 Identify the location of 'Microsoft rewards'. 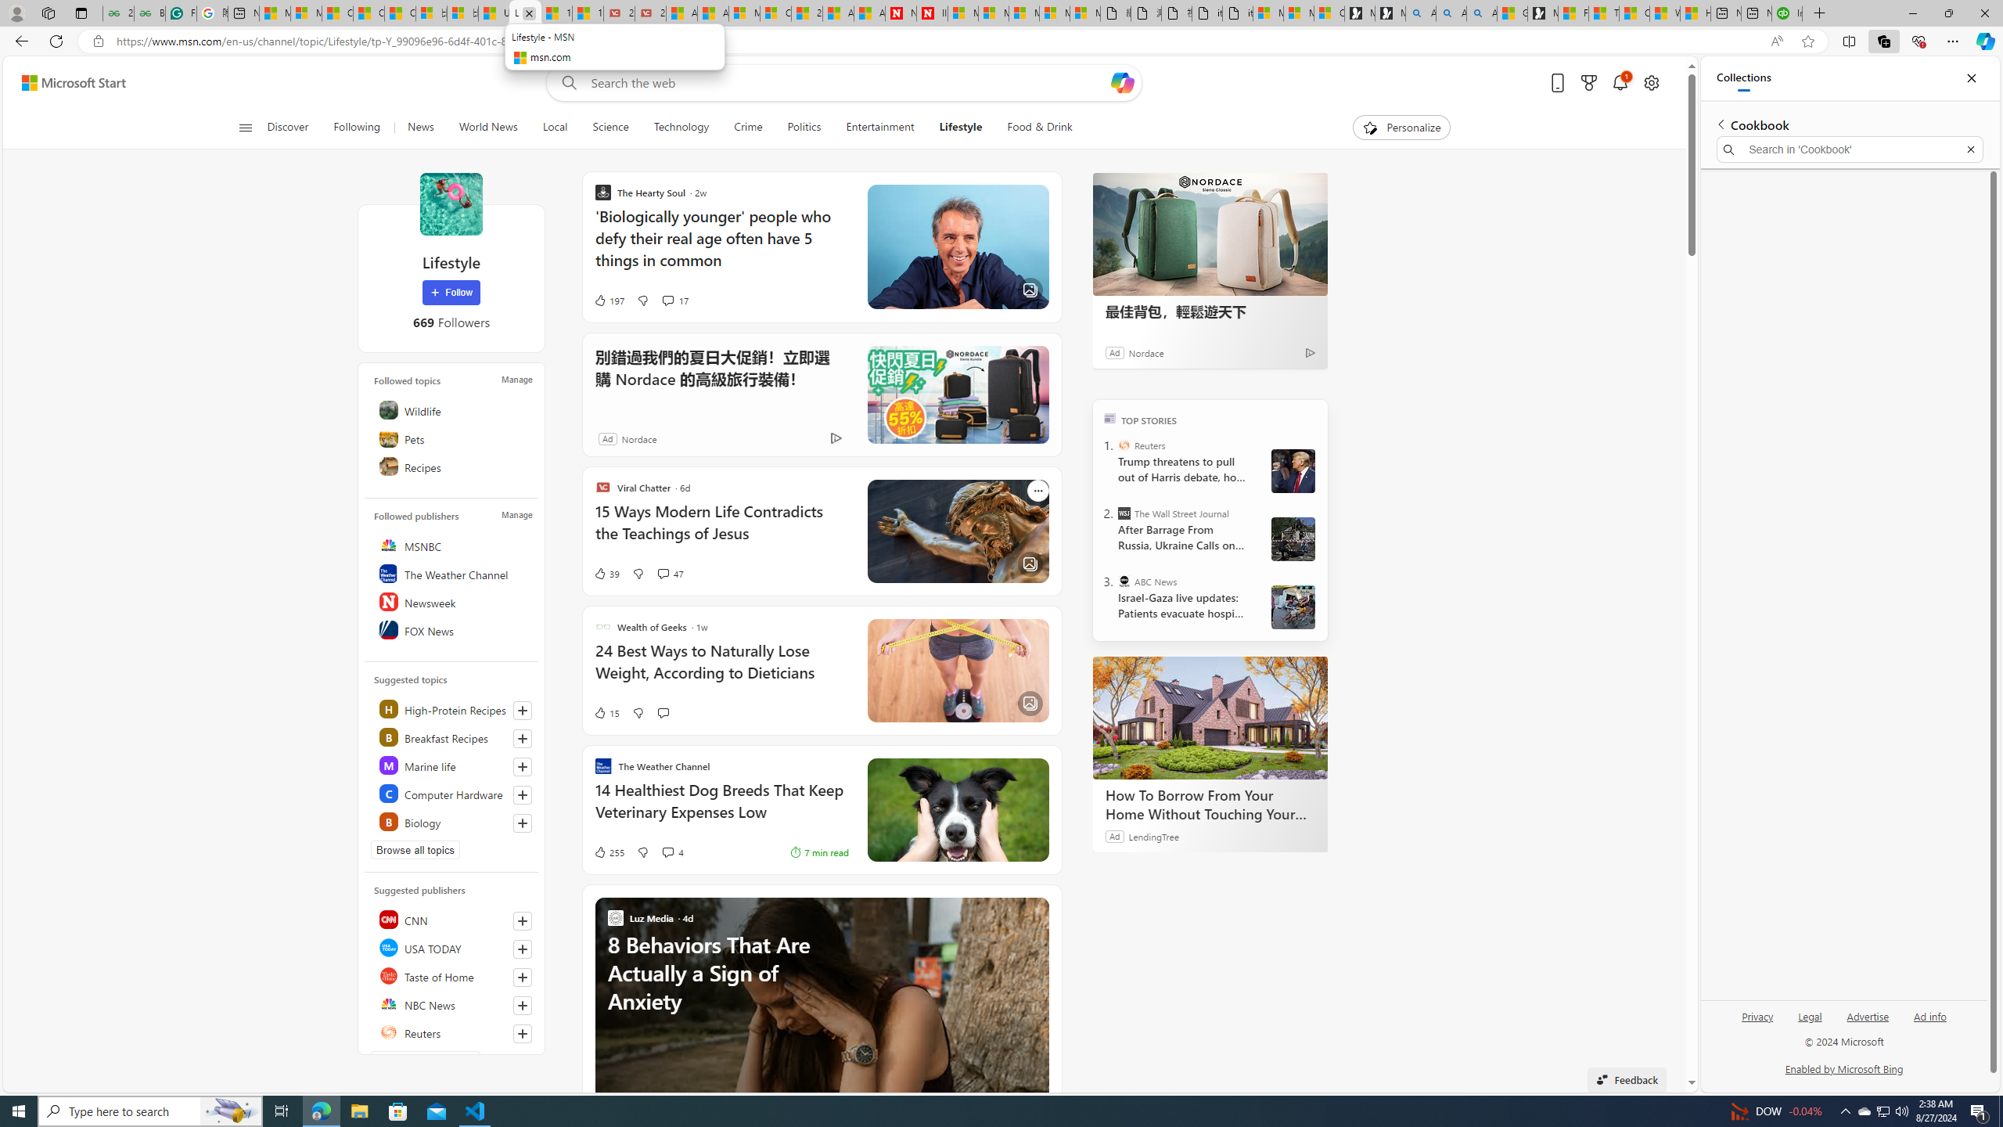
(1588, 83).